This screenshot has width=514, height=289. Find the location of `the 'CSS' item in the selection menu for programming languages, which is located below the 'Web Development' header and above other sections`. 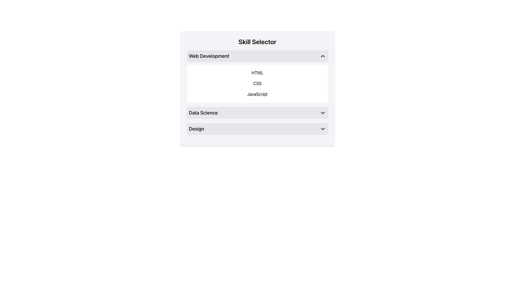

the 'CSS' item in the selection menu for programming languages, which is located below the 'Web Development' header and above other sections is located at coordinates (257, 83).